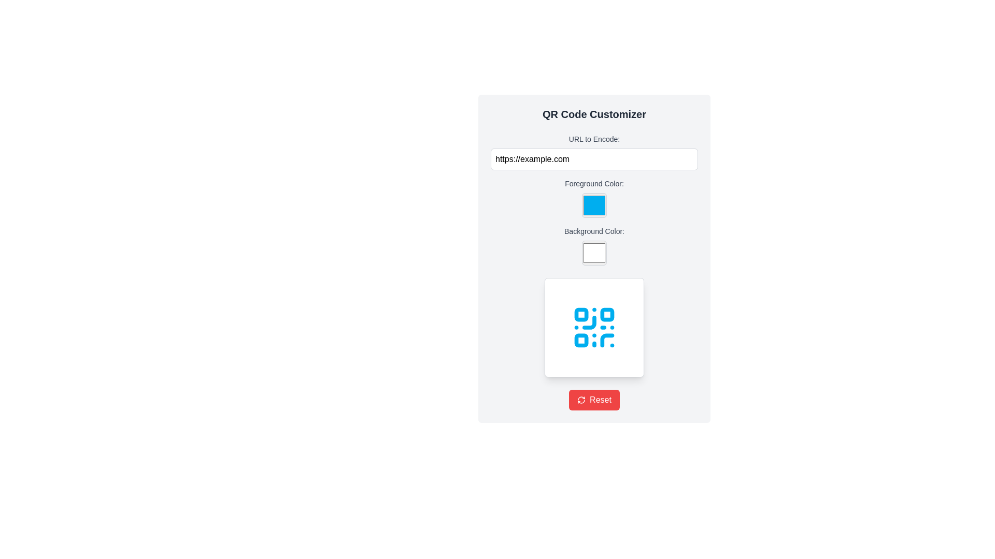 The width and height of the screenshot is (995, 559). Describe the element at coordinates (594, 183) in the screenshot. I see `the label for the color picker field located below the 'URL to Encode' input field` at that location.